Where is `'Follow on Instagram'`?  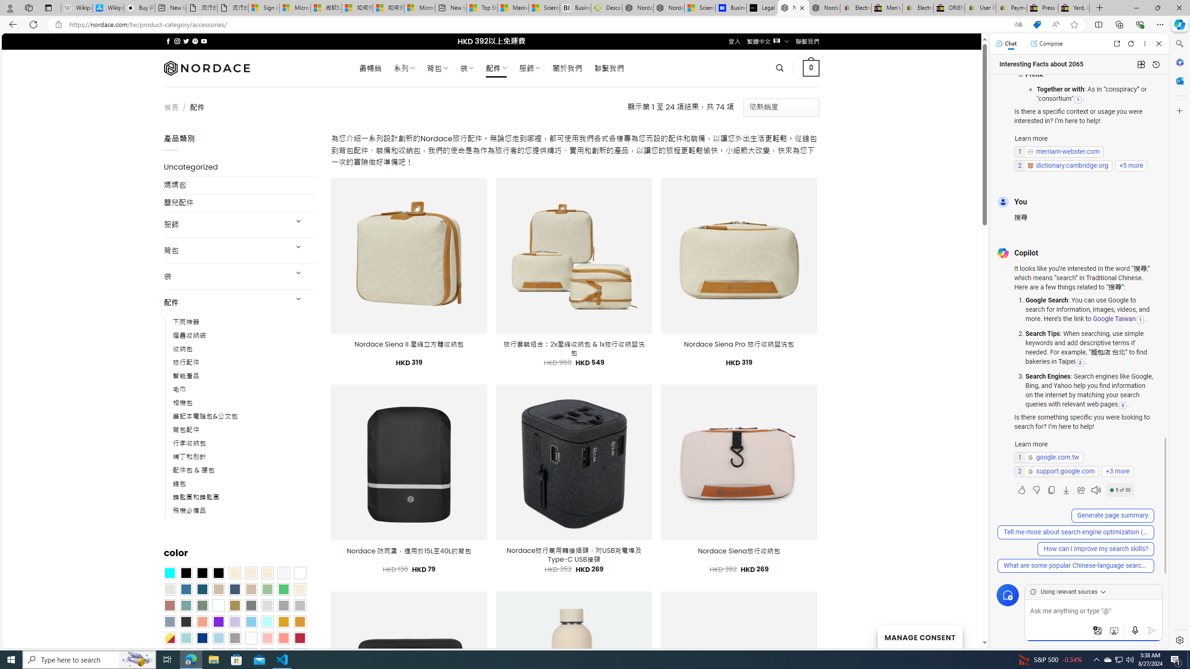
'Follow on Instagram' is located at coordinates (177, 41).